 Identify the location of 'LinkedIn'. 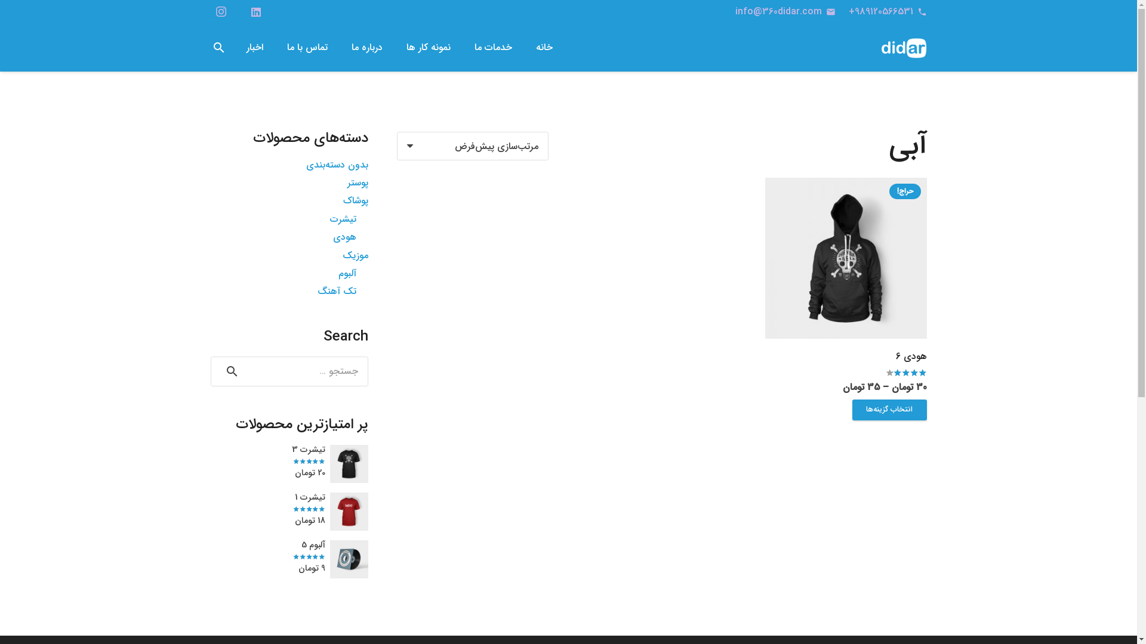
(255, 11).